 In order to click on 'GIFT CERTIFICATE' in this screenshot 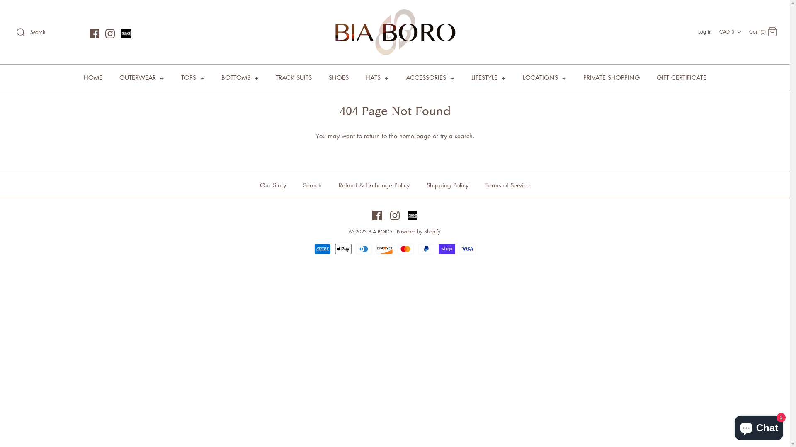, I will do `click(648, 77)`.